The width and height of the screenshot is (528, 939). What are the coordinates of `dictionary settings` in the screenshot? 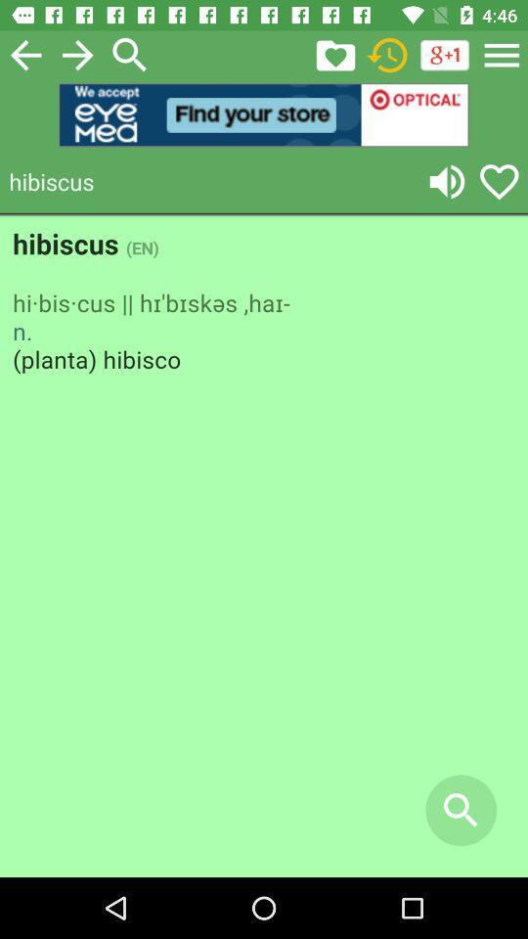 It's located at (502, 54).